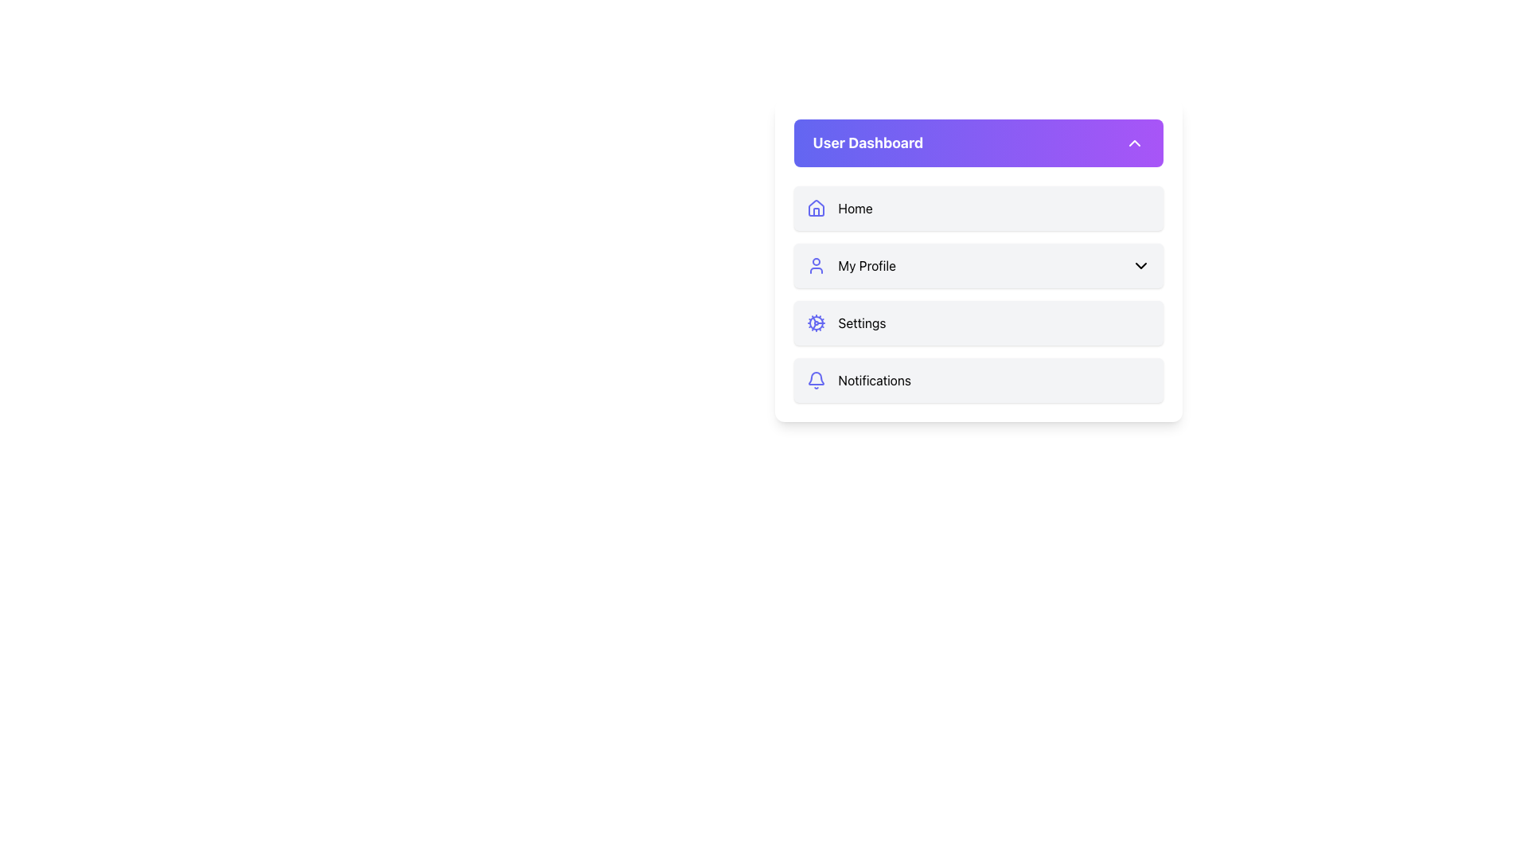 The height and width of the screenshot is (860, 1528). Describe the element at coordinates (867, 143) in the screenshot. I see `the 'User Dashboard' text label which is styled with a bold, large white font against a gradient background of indigo to purple, located in the header section above navigation items` at that location.